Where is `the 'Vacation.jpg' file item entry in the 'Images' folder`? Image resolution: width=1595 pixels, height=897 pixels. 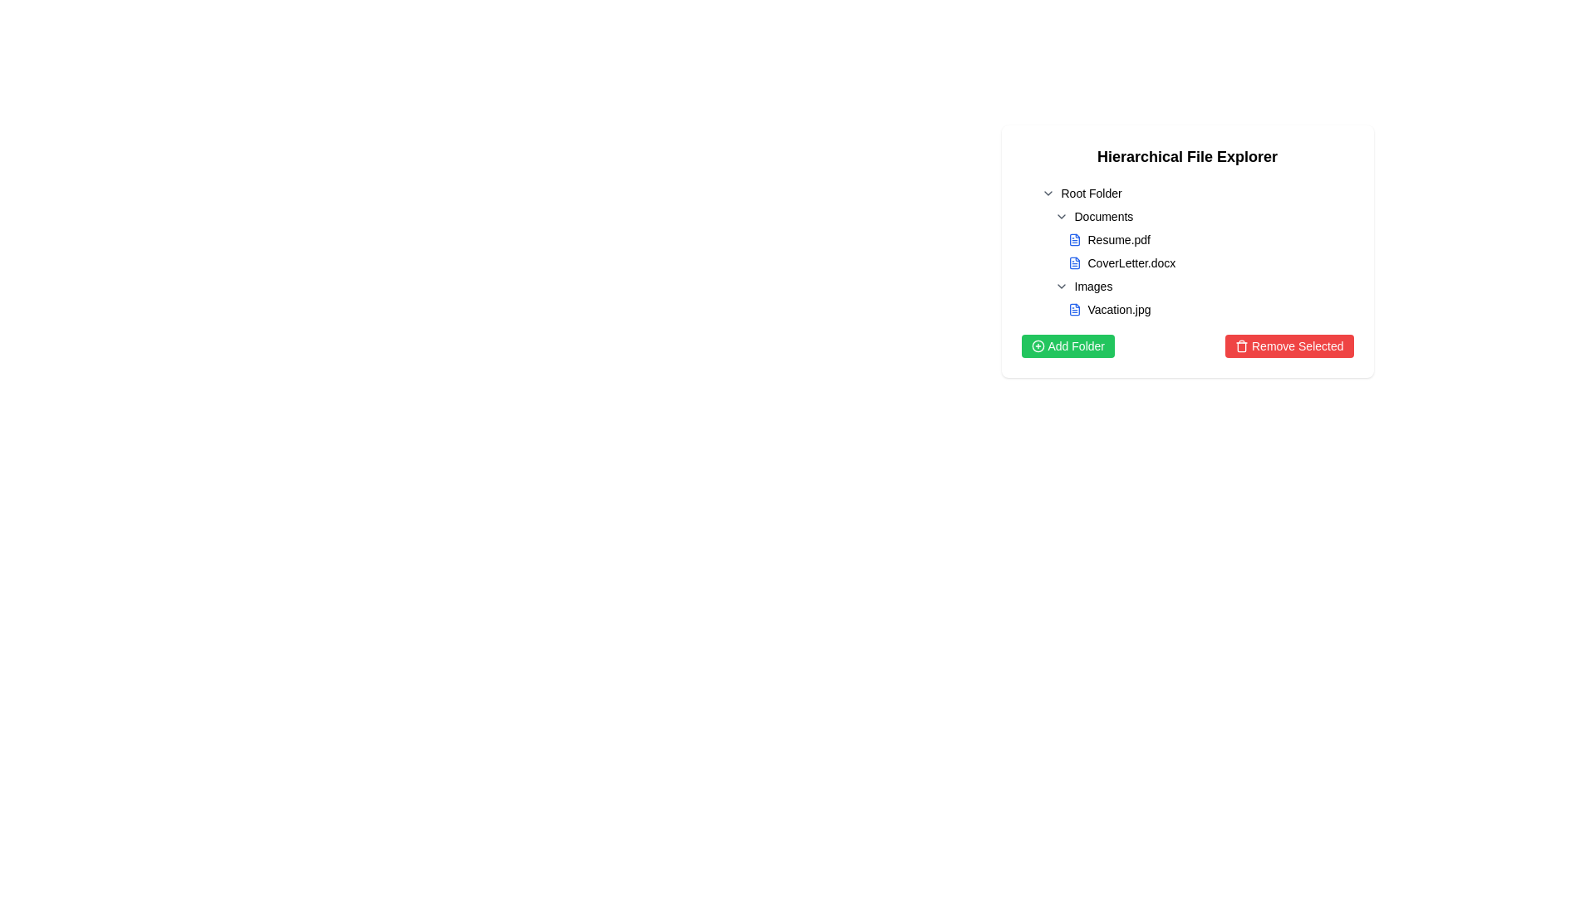 the 'Vacation.jpg' file item entry in the 'Images' folder is located at coordinates (1200, 310).